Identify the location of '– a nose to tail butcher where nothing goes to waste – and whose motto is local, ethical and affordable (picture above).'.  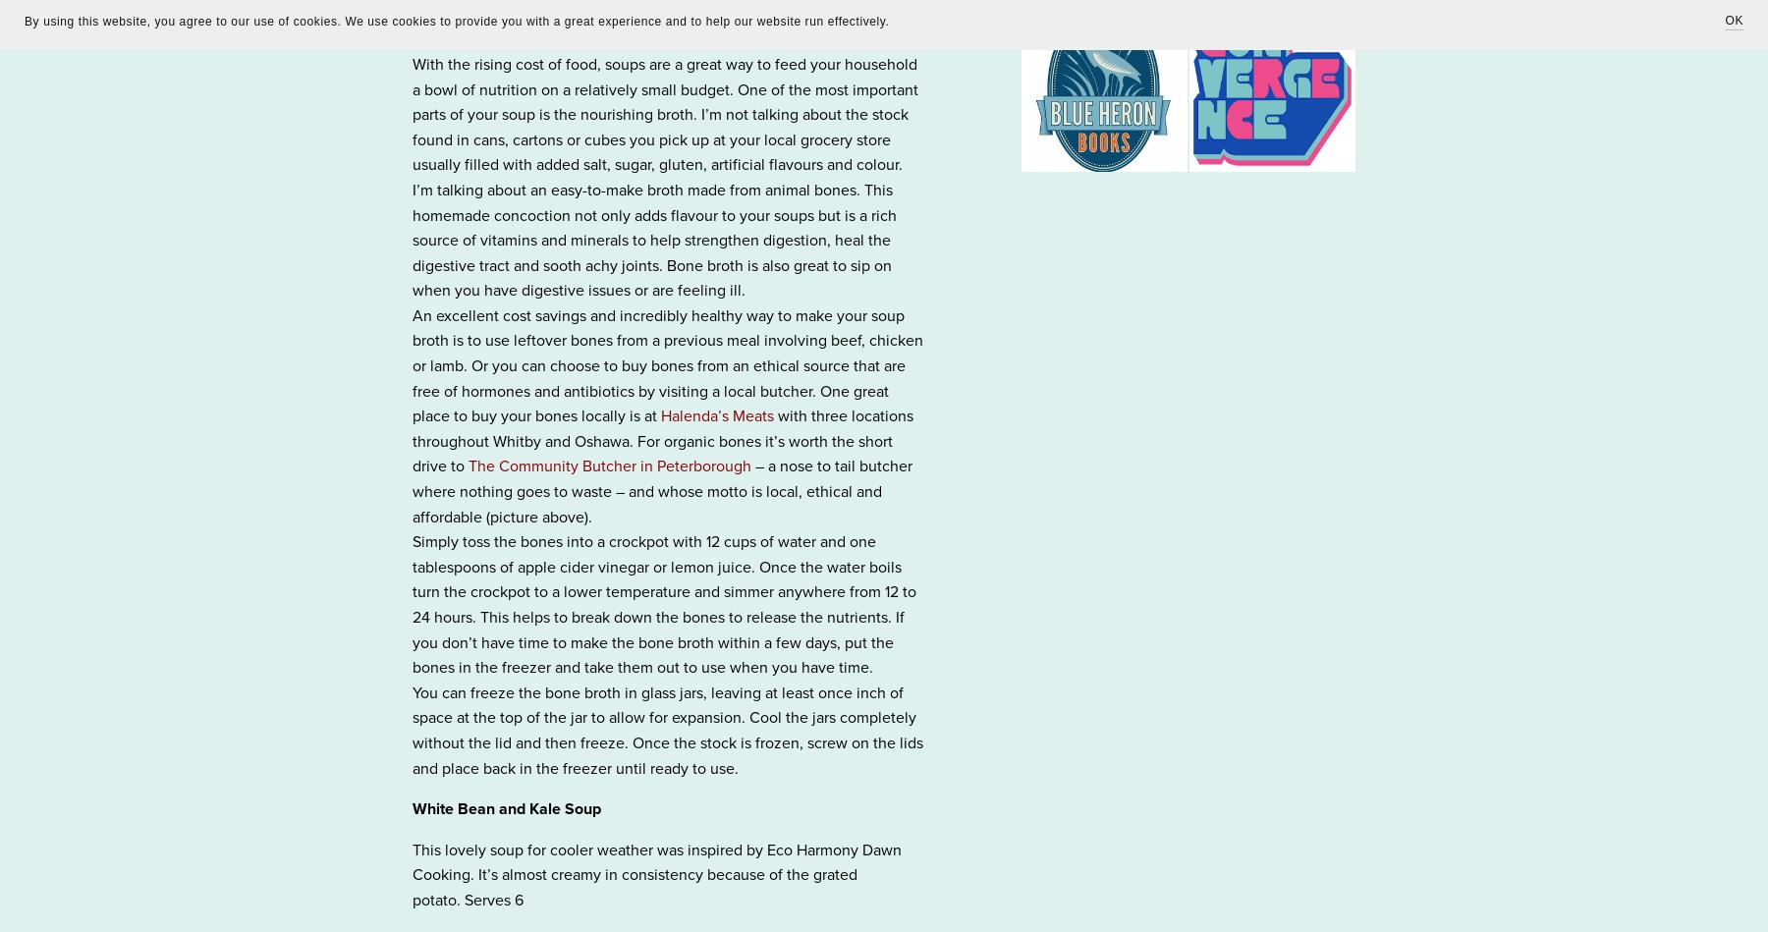
(412, 490).